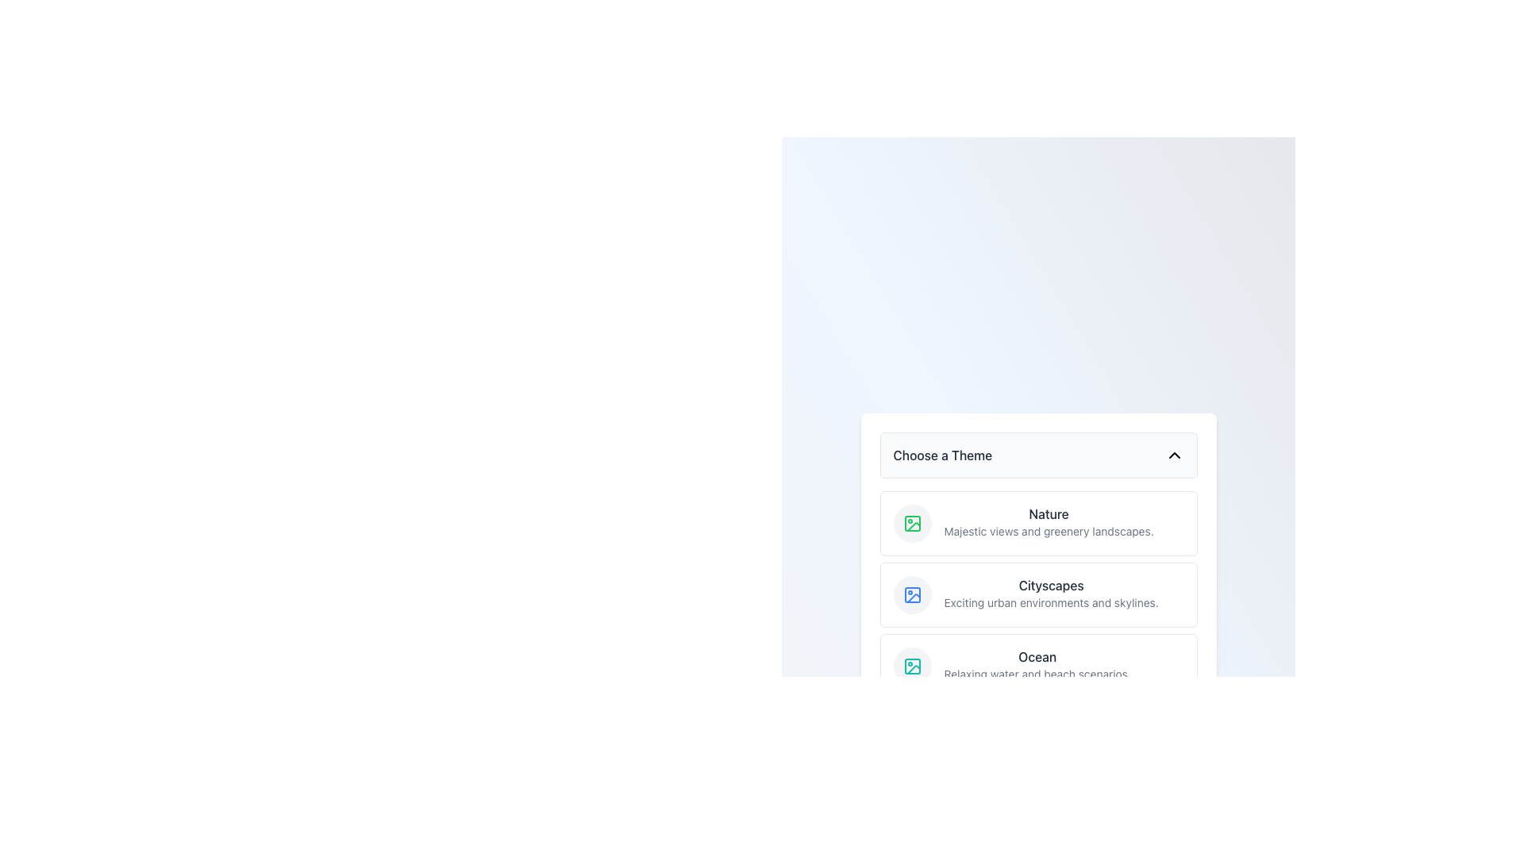 Image resolution: width=1524 pixels, height=857 pixels. Describe the element at coordinates (942, 455) in the screenshot. I see `the text label displaying 'Choose a Theme' in medium-sized greyish-black font, located prominently in the upper section of the box` at that location.